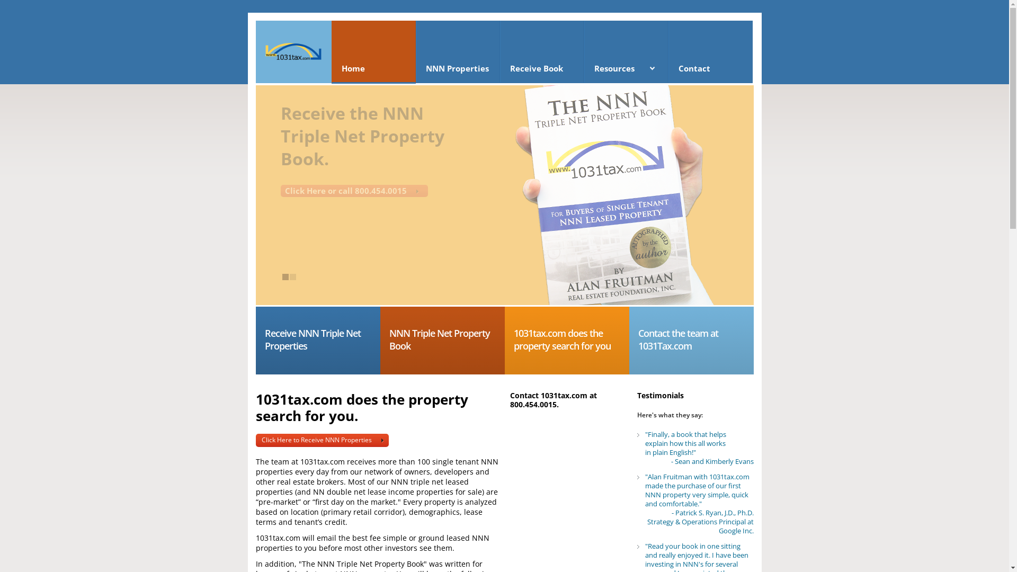  Describe the element at coordinates (317, 341) in the screenshot. I see `'Receive NNN Triple Net Properties'` at that location.